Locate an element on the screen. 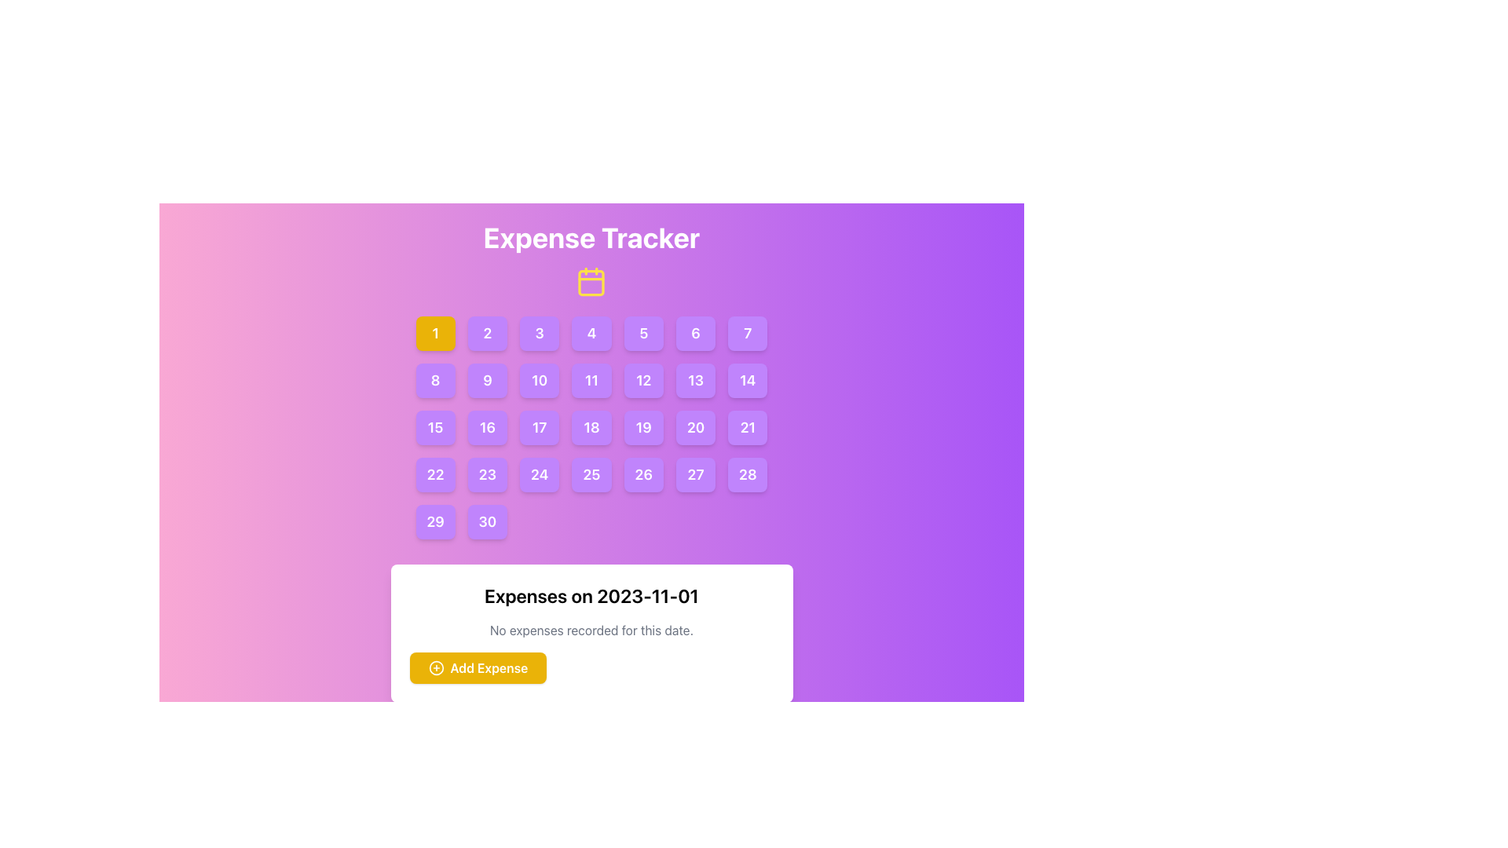 The height and width of the screenshot is (848, 1508). the fifth button in the third row of the calendar grid is located at coordinates (643, 427).